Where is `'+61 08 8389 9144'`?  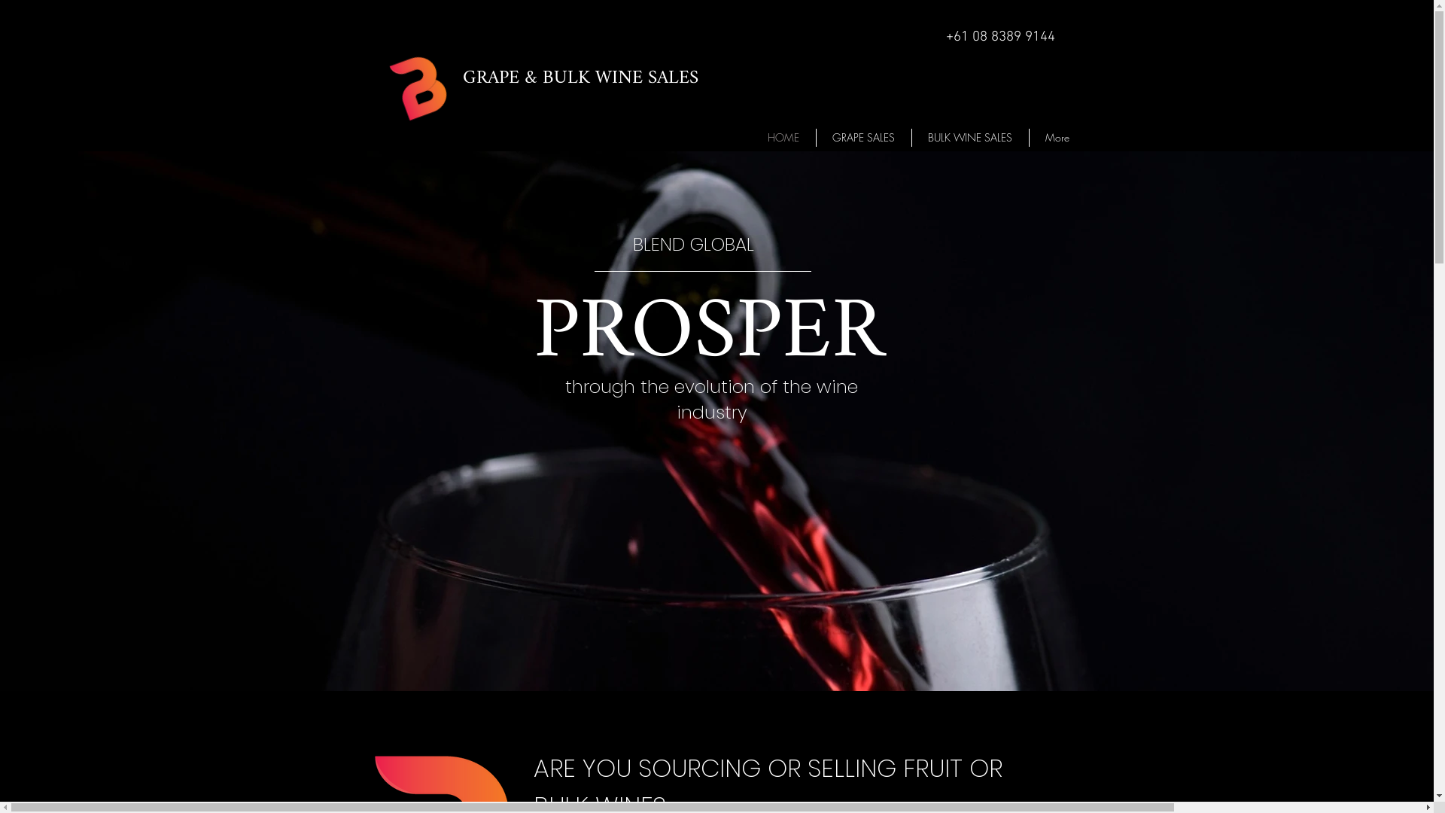
'+61 08 8389 9144' is located at coordinates (999, 36).